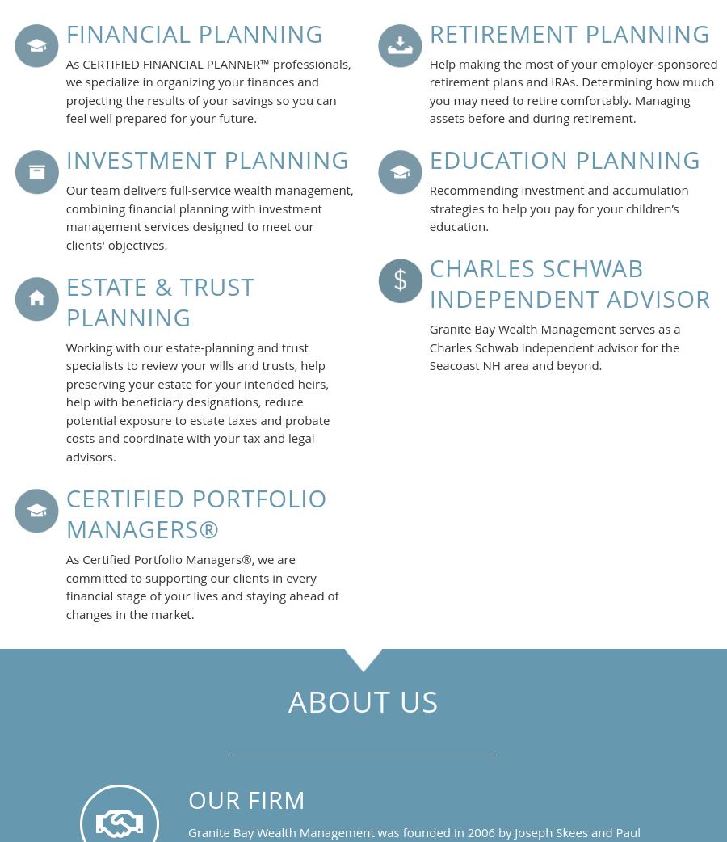 Image resolution: width=727 pixels, height=842 pixels. What do you see at coordinates (246, 800) in the screenshot?
I see `'OUR FIRM'` at bounding box center [246, 800].